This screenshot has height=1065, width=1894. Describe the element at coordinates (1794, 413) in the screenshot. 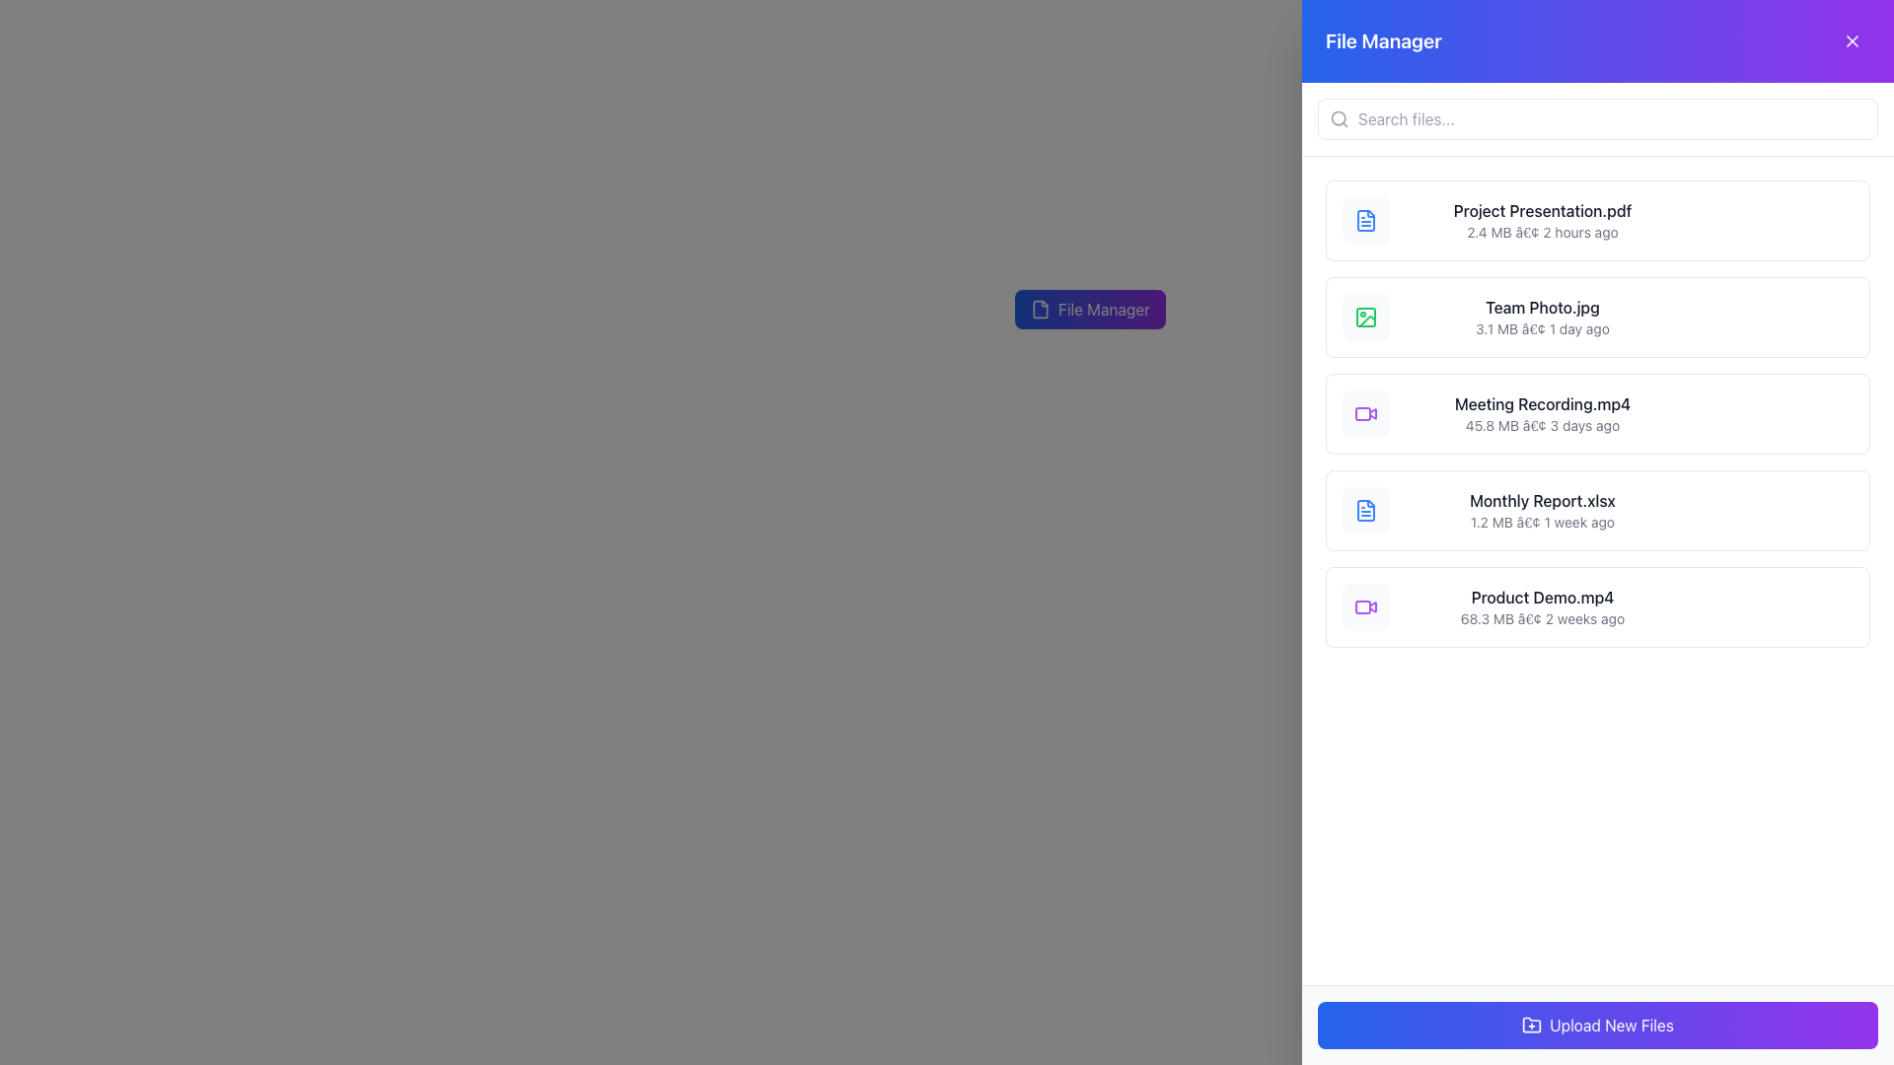

I see `the Delete button located to the right of the 'Meeting Recording.mp4' row in the file manager` at that location.